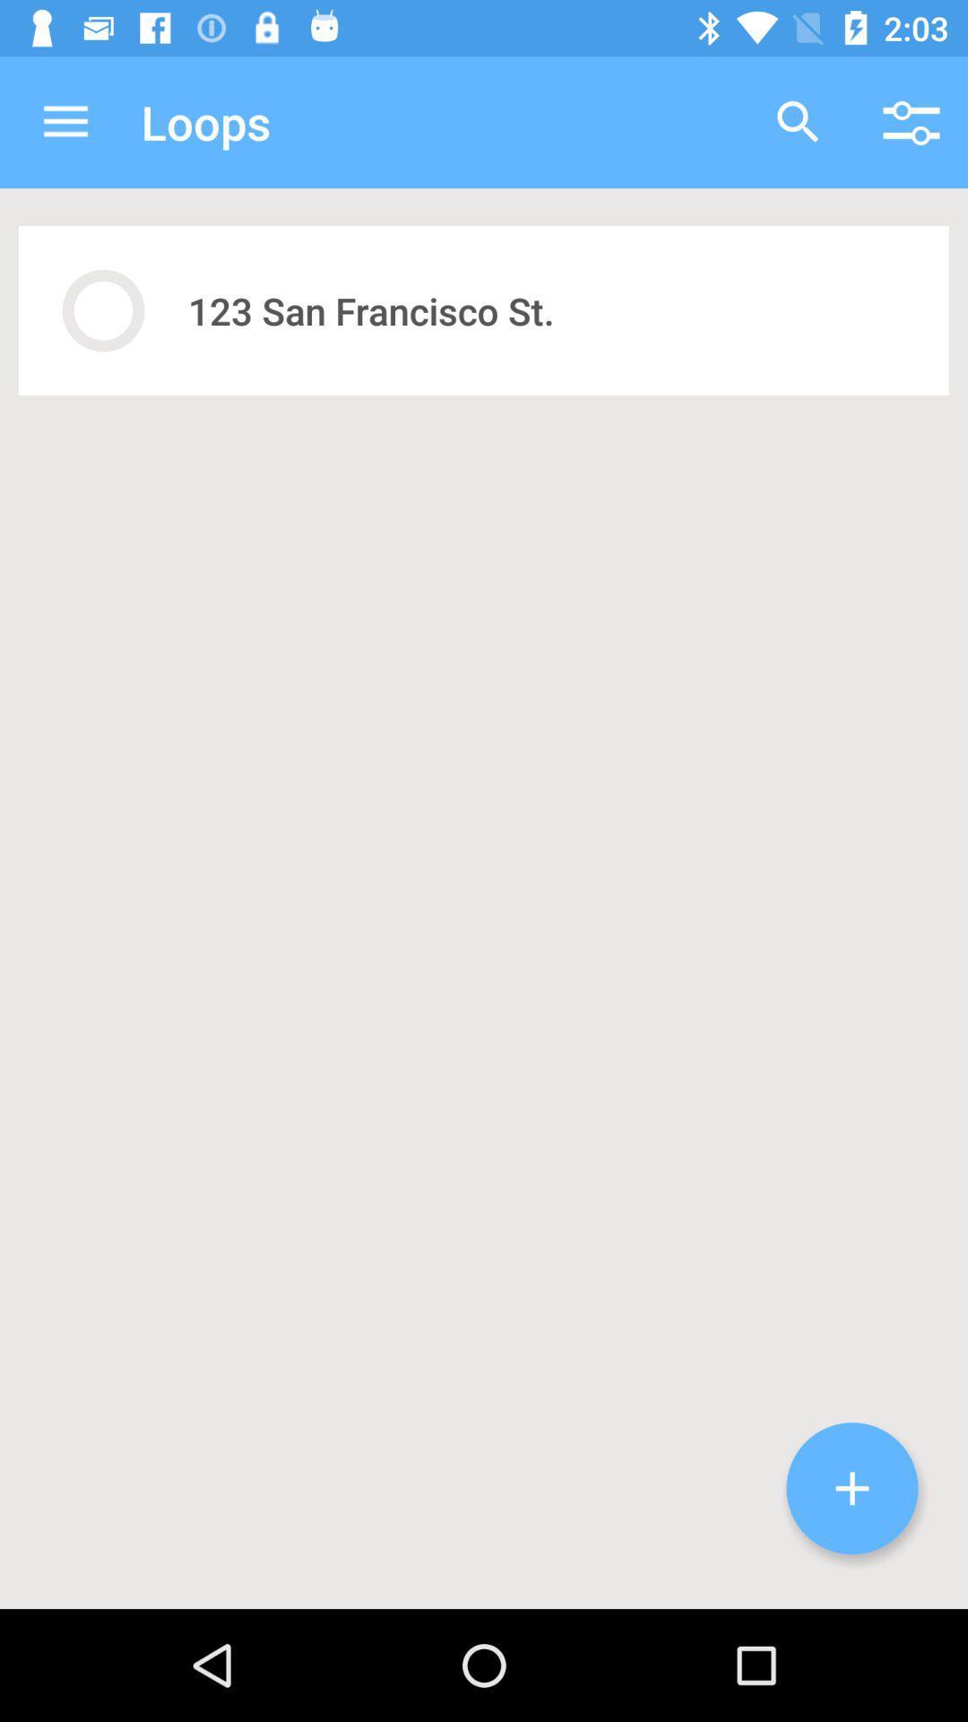 The height and width of the screenshot is (1722, 968). What do you see at coordinates (851, 1488) in the screenshot?
I see `the add icon` at bounding box center [851, 1488].